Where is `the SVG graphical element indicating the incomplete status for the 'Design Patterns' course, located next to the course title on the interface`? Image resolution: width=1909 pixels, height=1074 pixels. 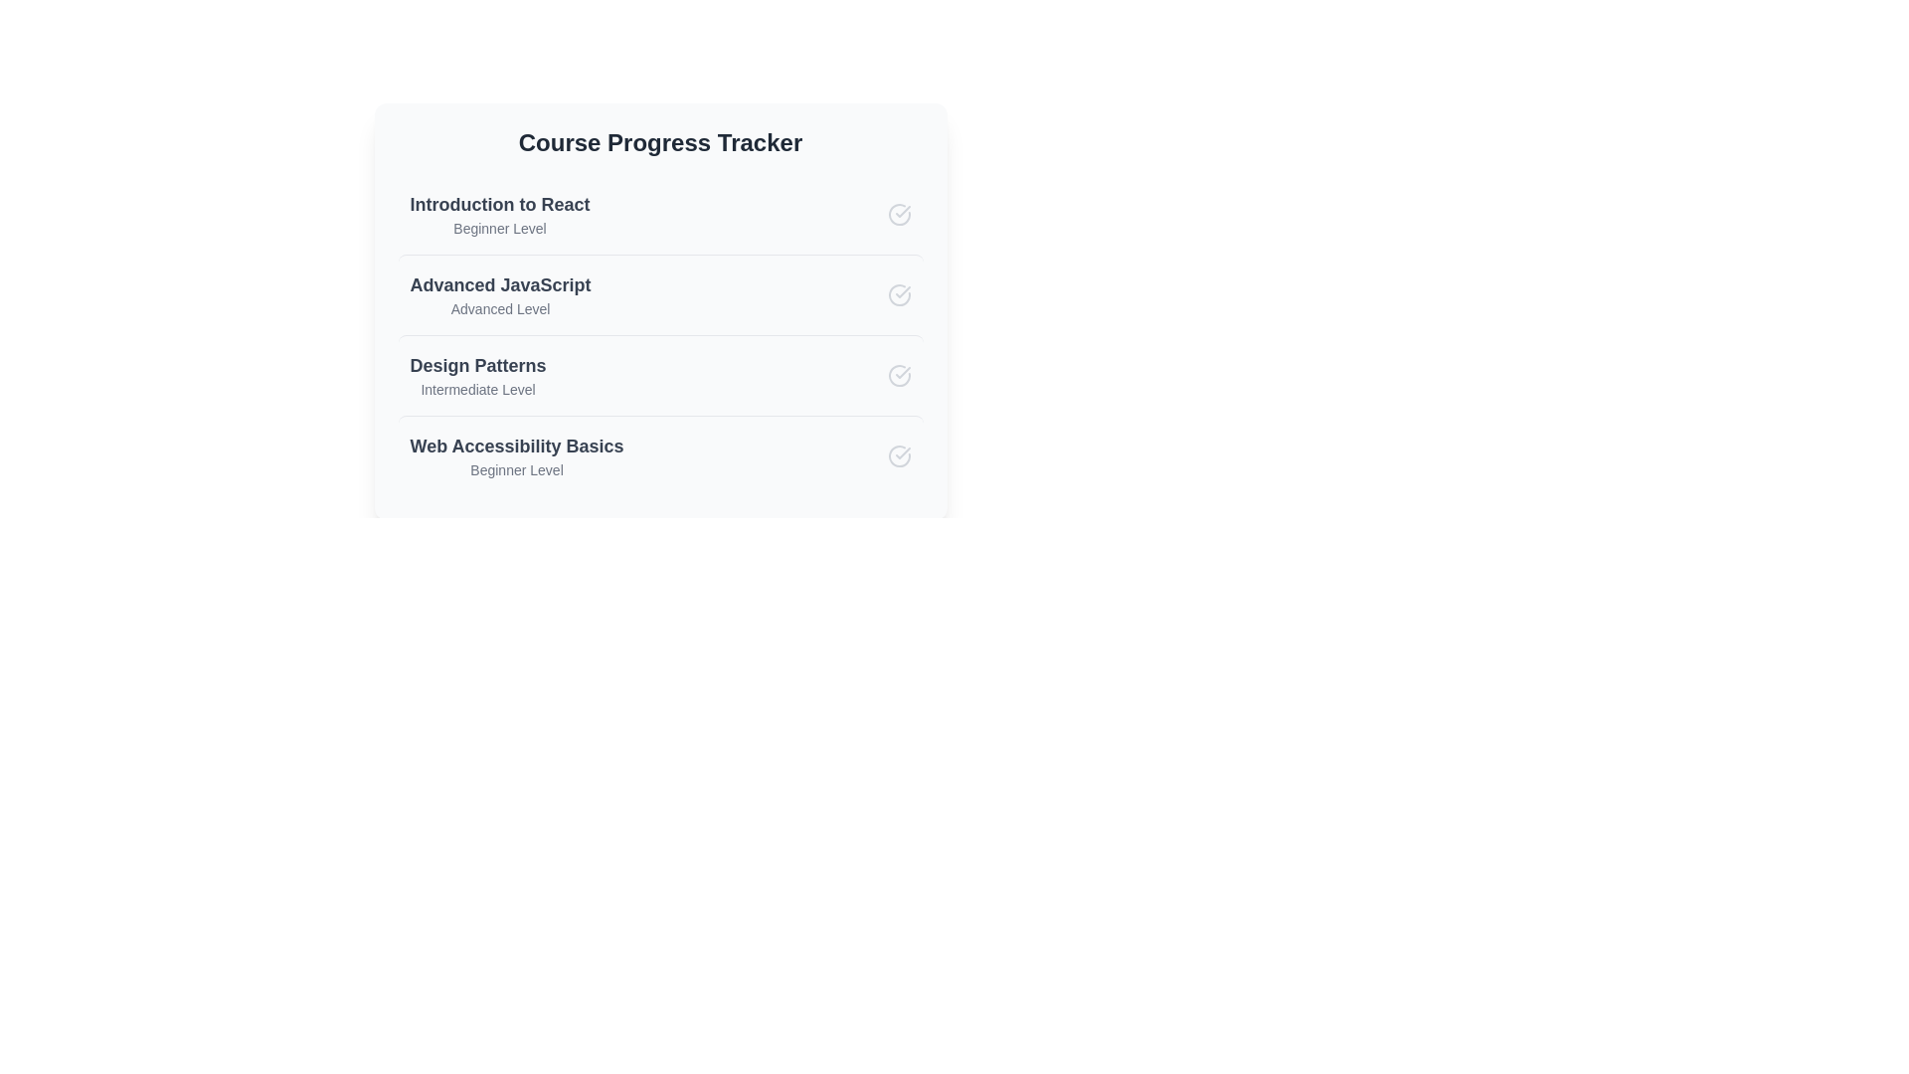 the SVG graphical element indicating the incomplete status for the 'Design Patterns' course, located next to the course title on the interface is located at coordinates (898, 376).